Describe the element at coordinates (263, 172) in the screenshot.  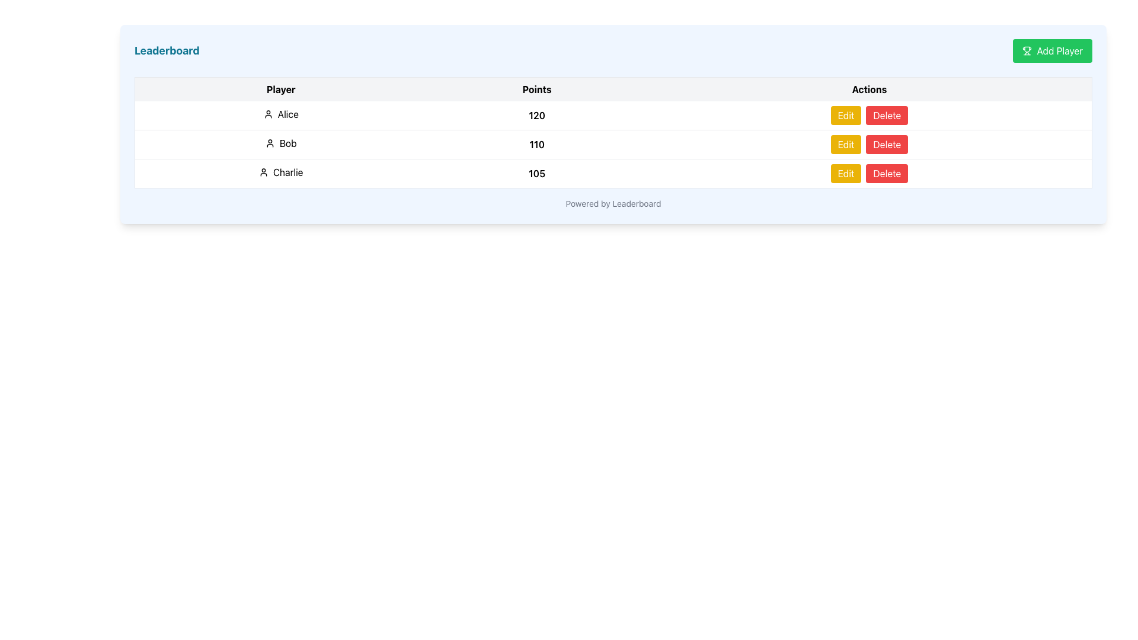
I see `the user icon representing 'Charlie' in the leaderboard, located in the third row under the 'Player' column` at that location.